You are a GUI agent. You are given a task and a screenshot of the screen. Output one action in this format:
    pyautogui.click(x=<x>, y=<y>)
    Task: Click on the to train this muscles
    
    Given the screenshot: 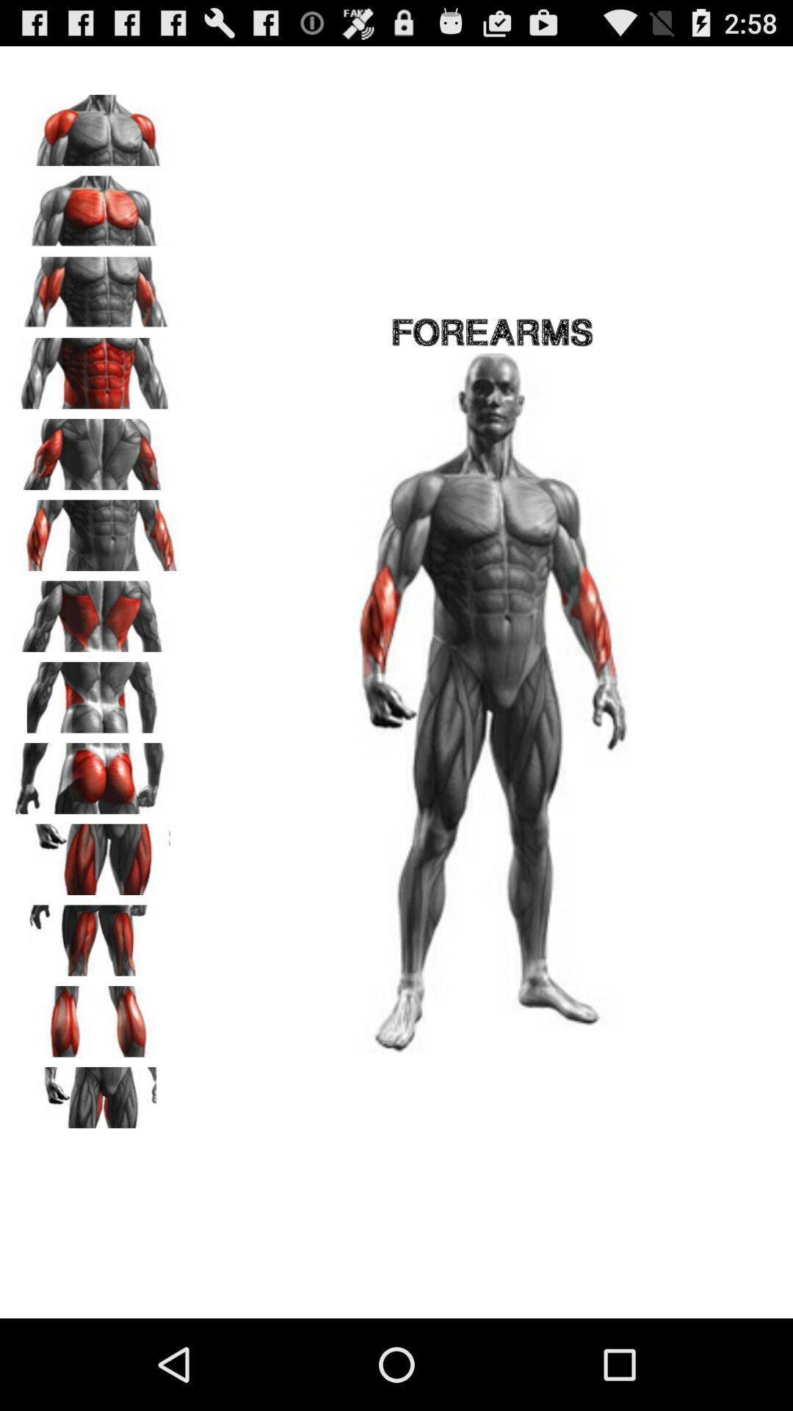 What is the action you would take?
    pyautogui.click(x=96, y=772)
    